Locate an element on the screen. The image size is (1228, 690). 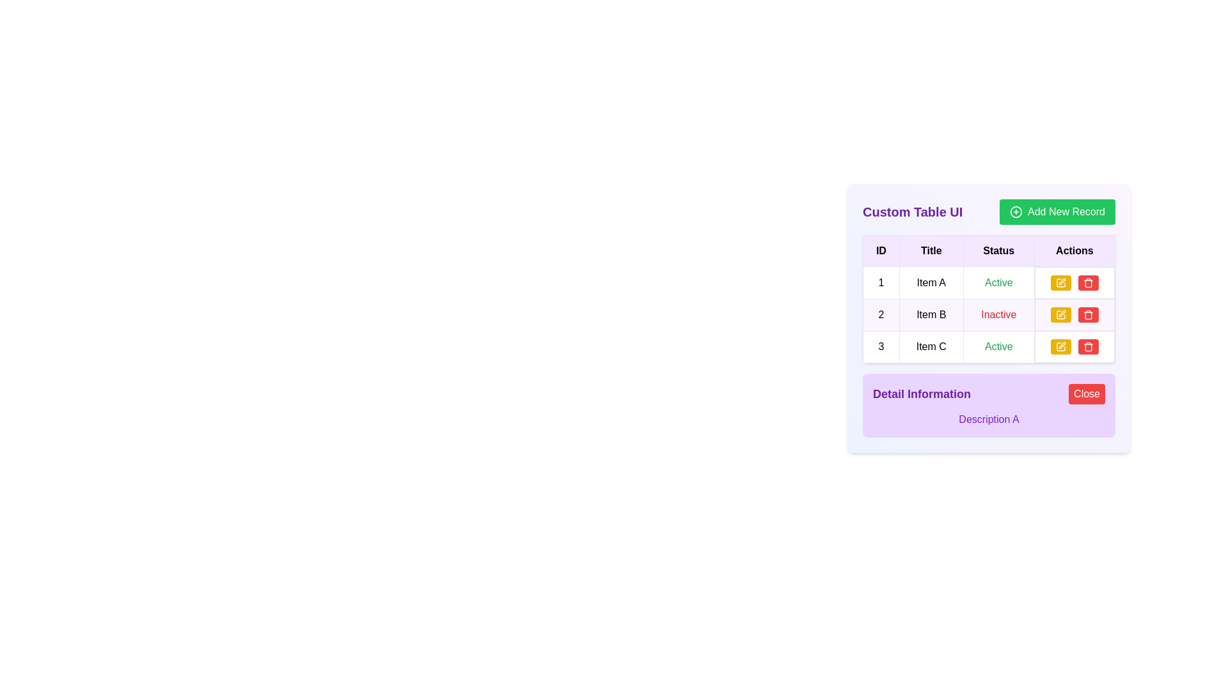
the text label labeled 'Item B' in the second row of the table under the 'Title' column is located at coordinates (931, 315).